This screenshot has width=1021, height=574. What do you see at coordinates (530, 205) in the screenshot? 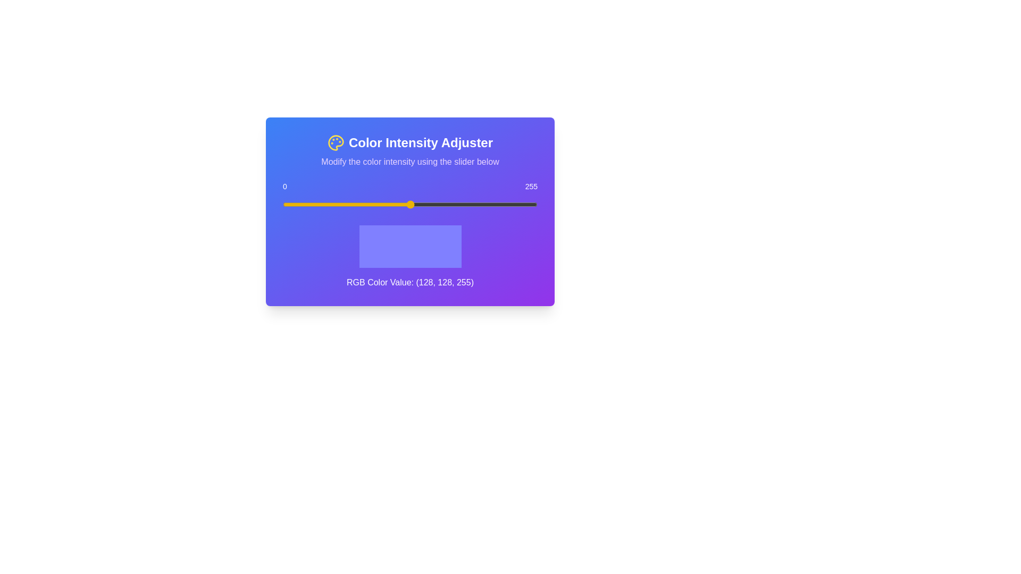
I see `the slider to set the value to 248` at bounding box center [530, 205].